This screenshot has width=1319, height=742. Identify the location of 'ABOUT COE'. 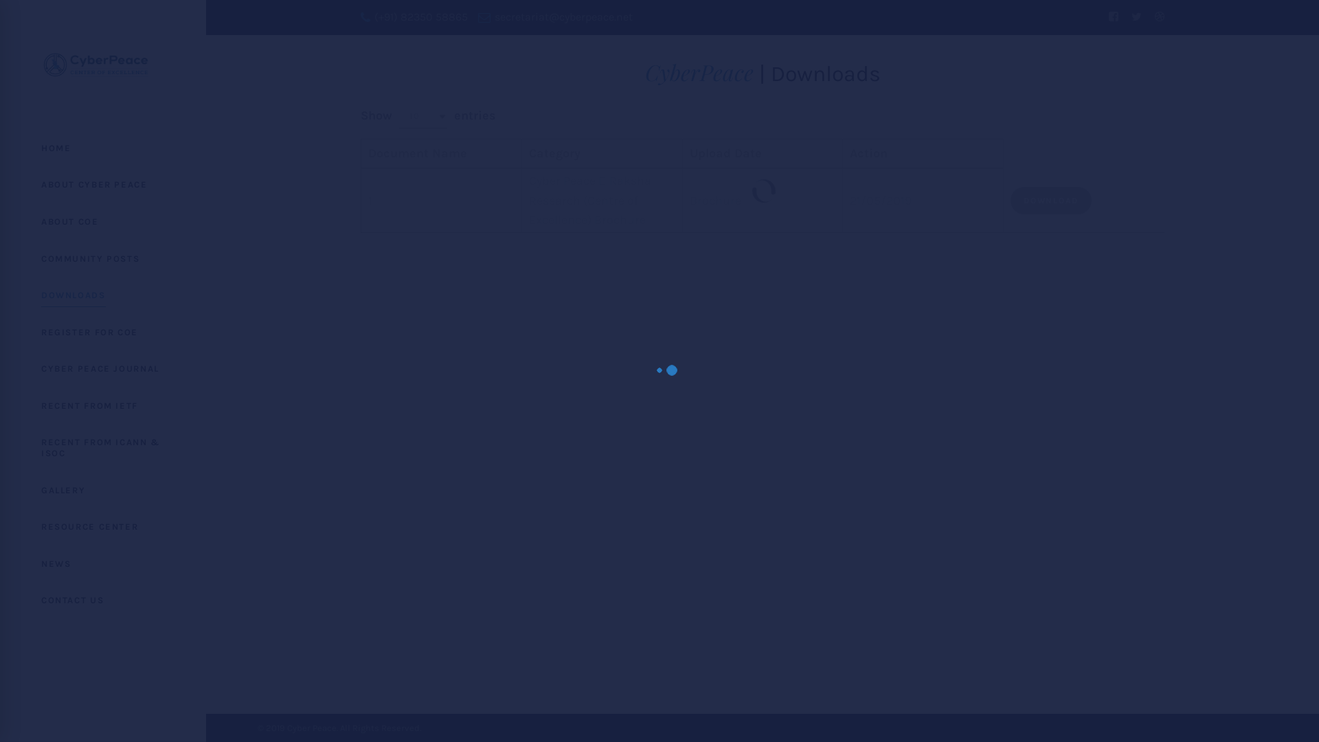
(0, 221).